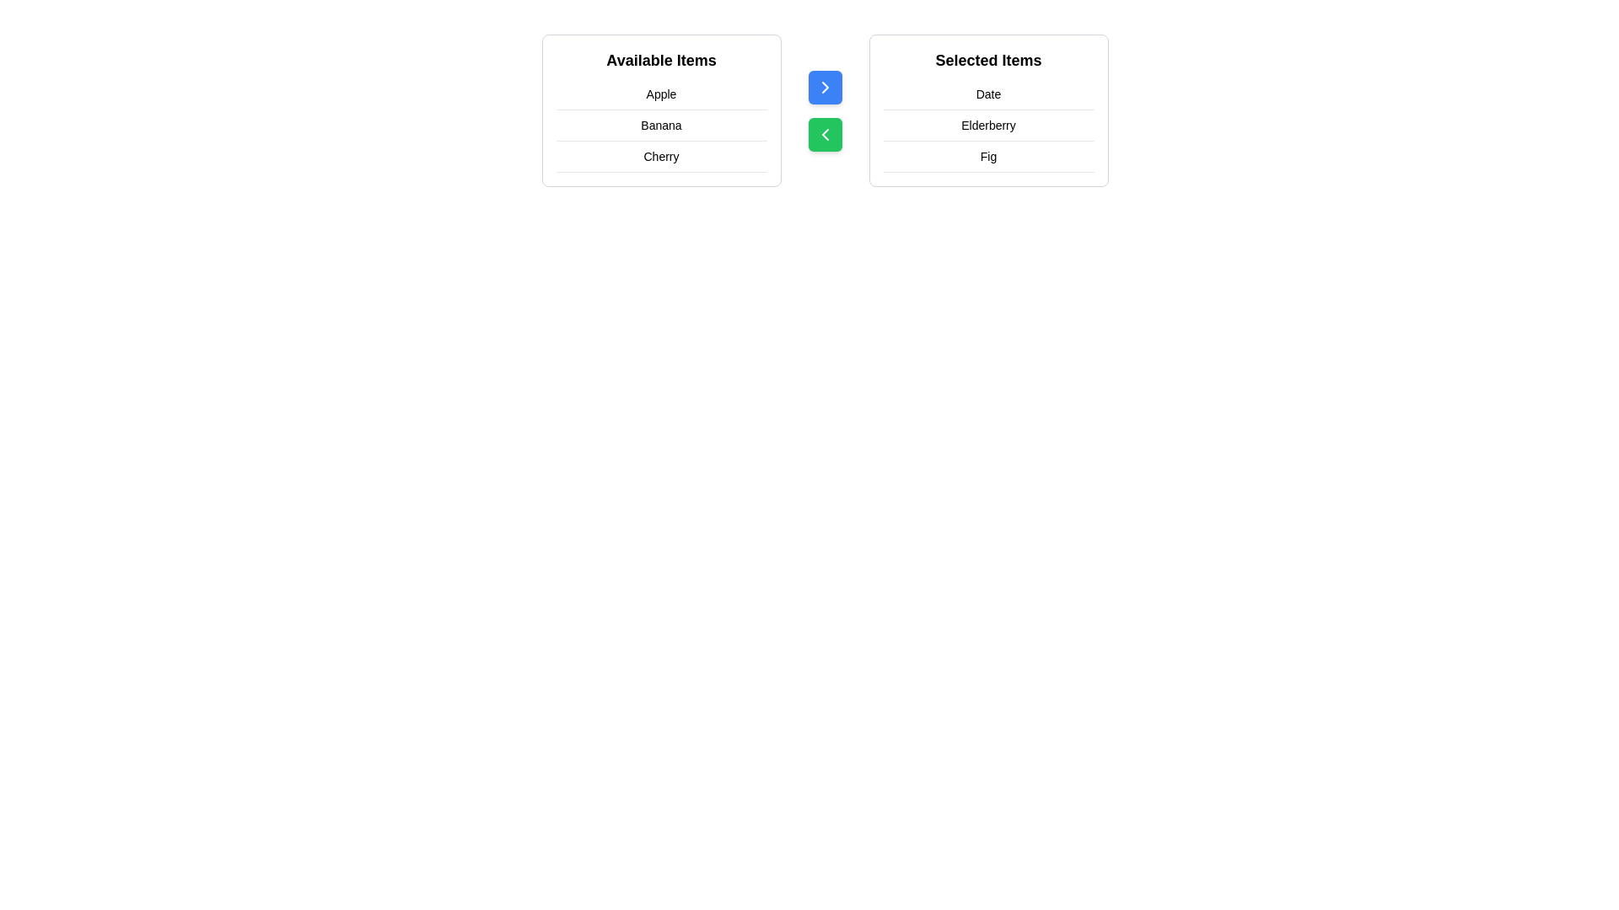  I want to click on the first text label in the 'Selected Items' panel, which is labeled 'Date', so click(988, 94).